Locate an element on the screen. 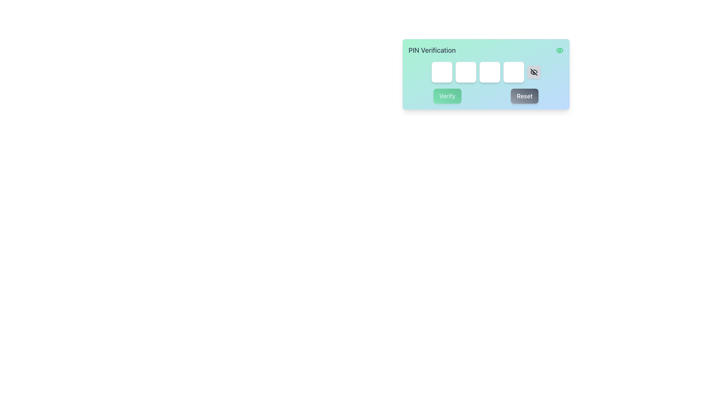 The width and height of the screenshot is (718, 404). the green eye icon located at the far right side of the PIN Verification section is located at coordinates (559, 50).